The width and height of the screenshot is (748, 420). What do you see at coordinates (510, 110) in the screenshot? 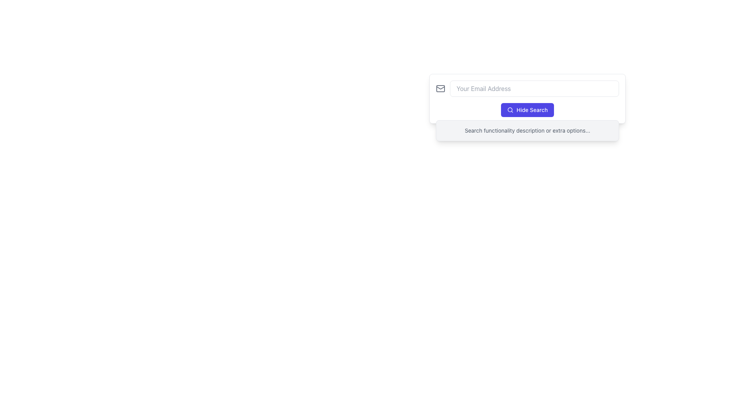
I see `the hollow circle element of the magnifying glass icon, which is located in the 'Hide Search' button area` at bounding box center [510, 110].